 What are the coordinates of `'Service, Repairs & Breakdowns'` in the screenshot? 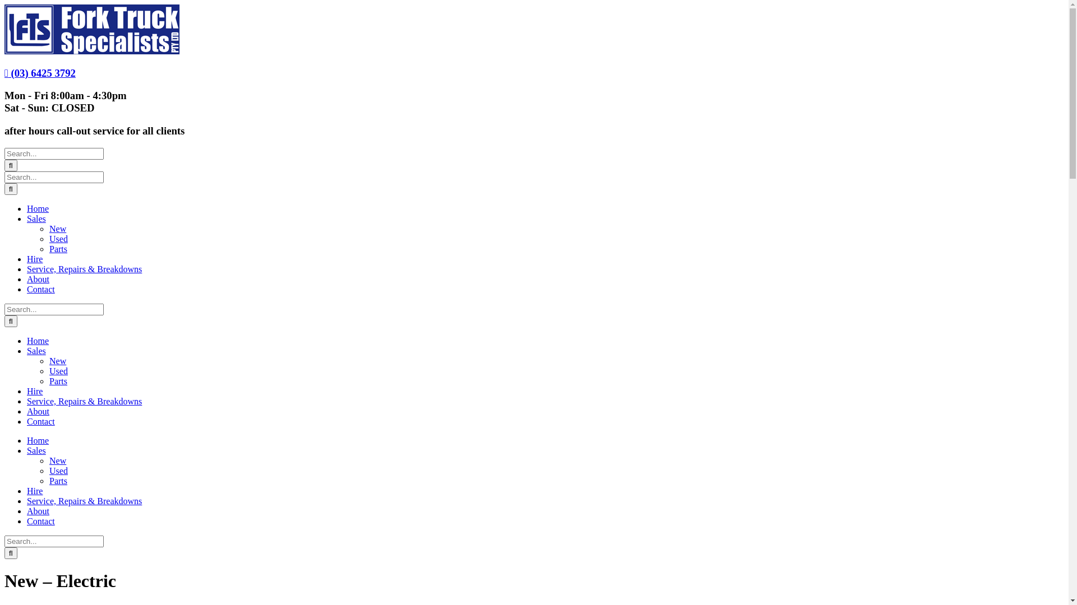 It's located at (27, 401).